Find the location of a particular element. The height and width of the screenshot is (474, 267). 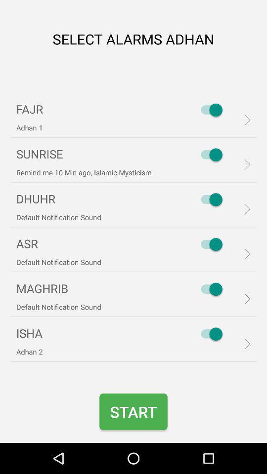

switch maghrib sound option is located at coordinates (209, 289).